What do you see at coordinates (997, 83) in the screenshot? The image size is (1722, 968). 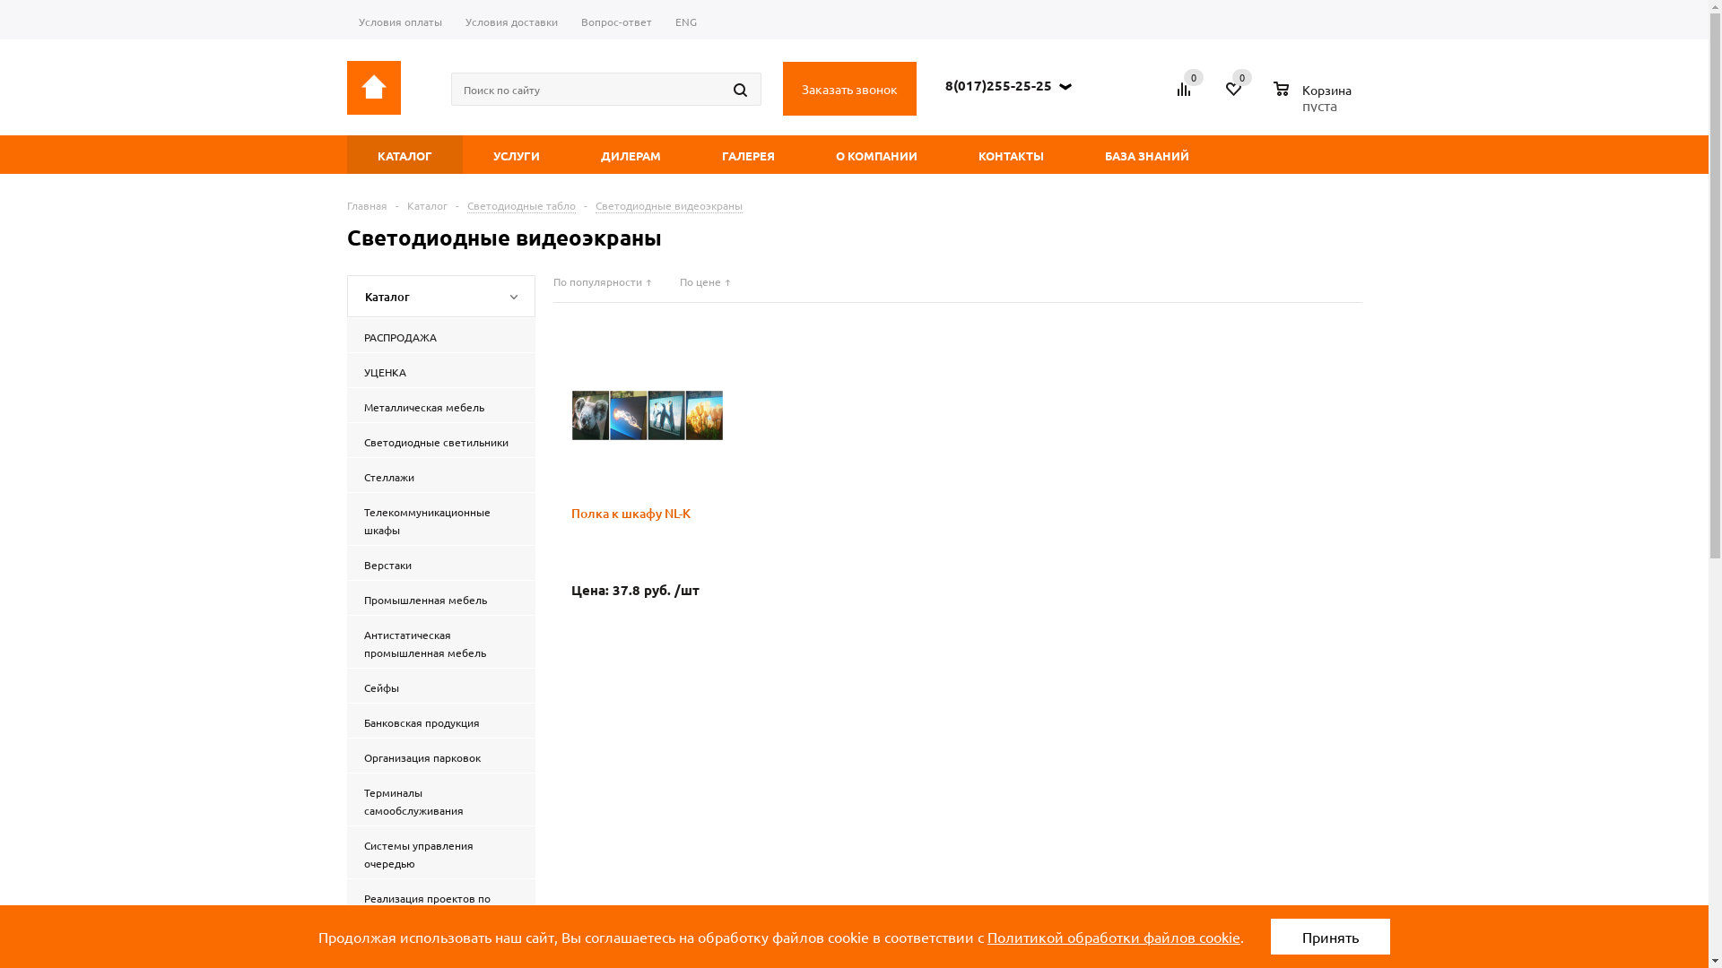 I see `'8(017)255-25-25'` at bounding box center [997, 83].